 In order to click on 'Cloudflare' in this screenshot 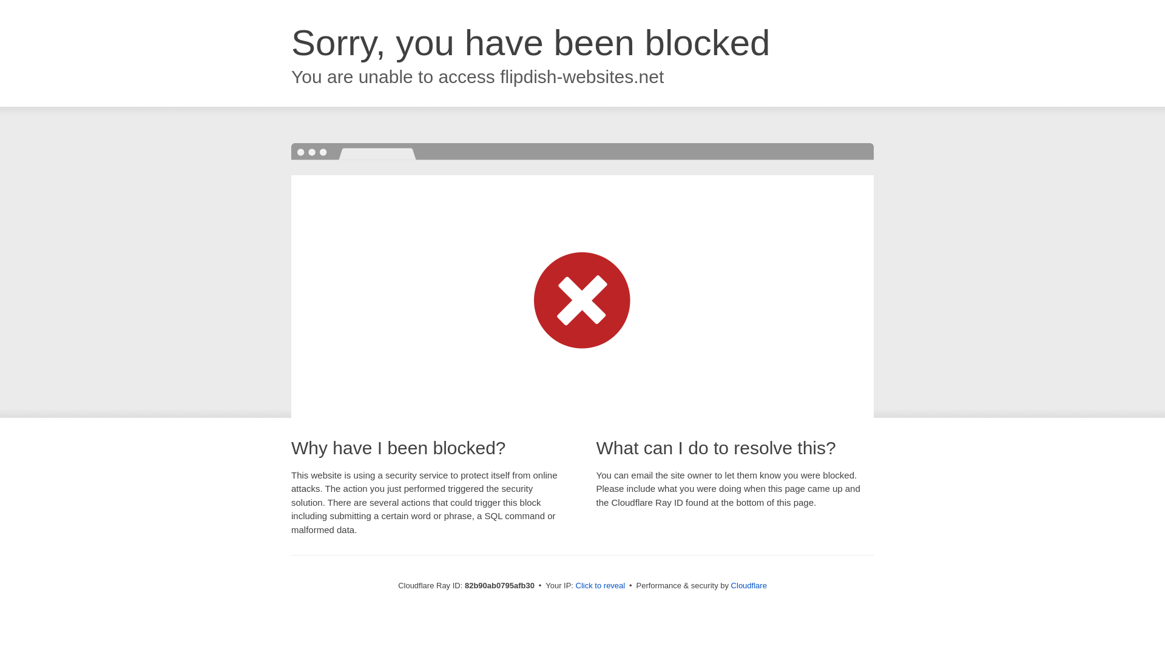, I will do `click(748, 585)`.